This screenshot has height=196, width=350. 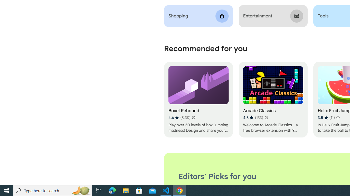 I want to click on 'Shopping', so click(x=198, y=16).